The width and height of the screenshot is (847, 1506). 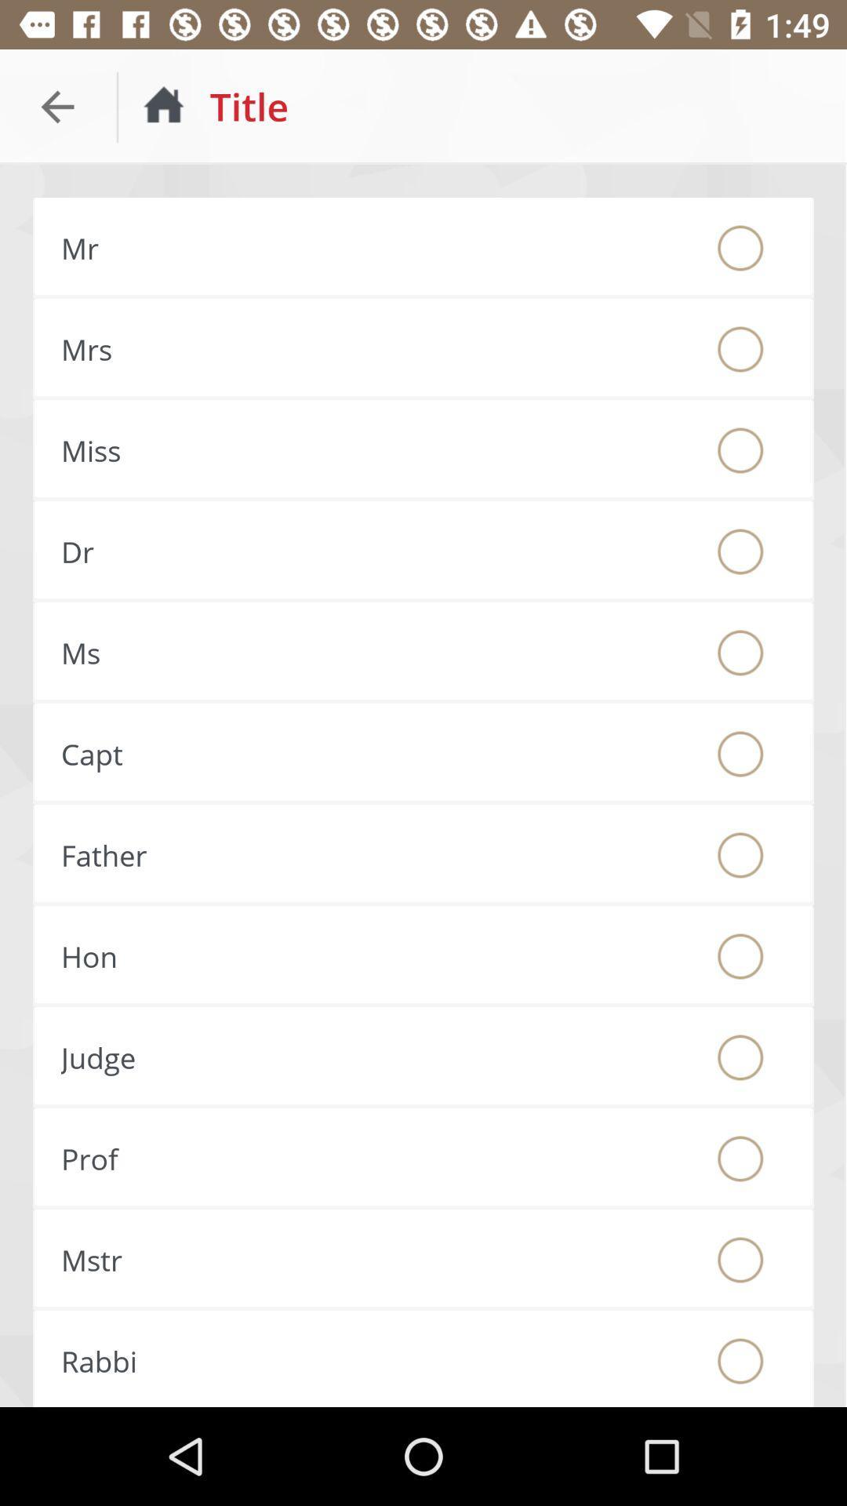 I want to click on mr as prefix, so click(x=740, y=247).